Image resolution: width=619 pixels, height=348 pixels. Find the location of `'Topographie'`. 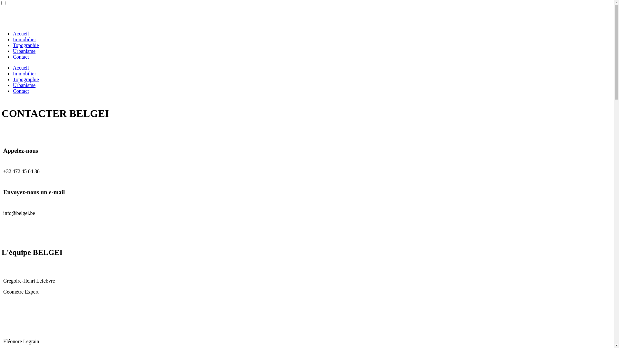

'Topographie' is located at coordinates (26, 45).